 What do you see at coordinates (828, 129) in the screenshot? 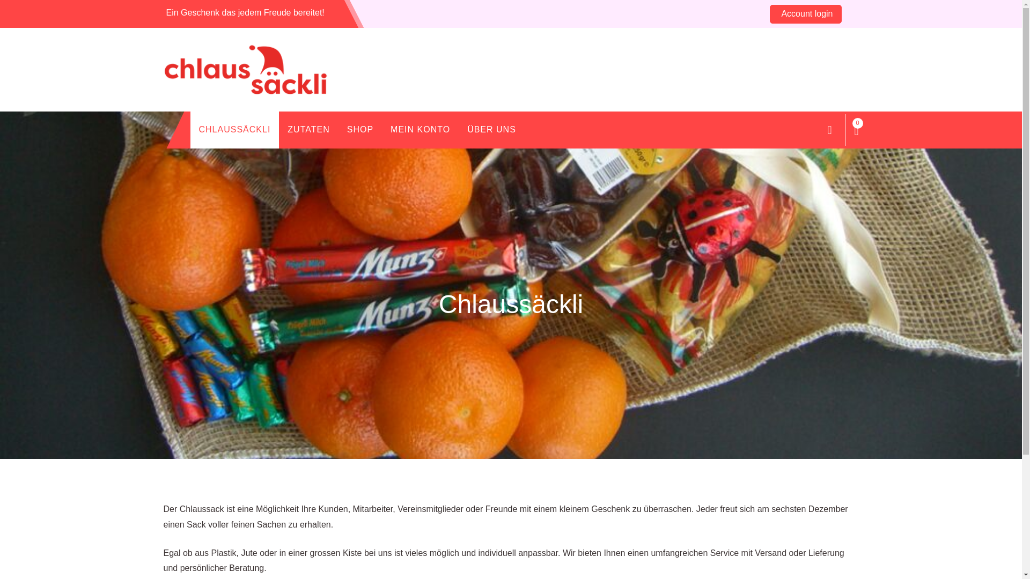
I see `'Search'` at bounding box center [828, 129].